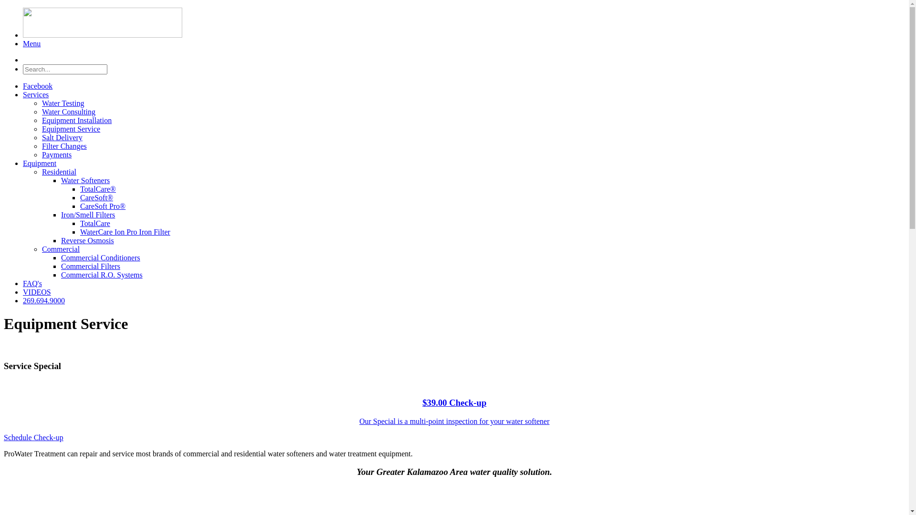 This screenshot has height=515, width=916. What do you see at coordinates (56, 154) in the screenshot?
I see `'Payments'` at bounding box center [56, 154].